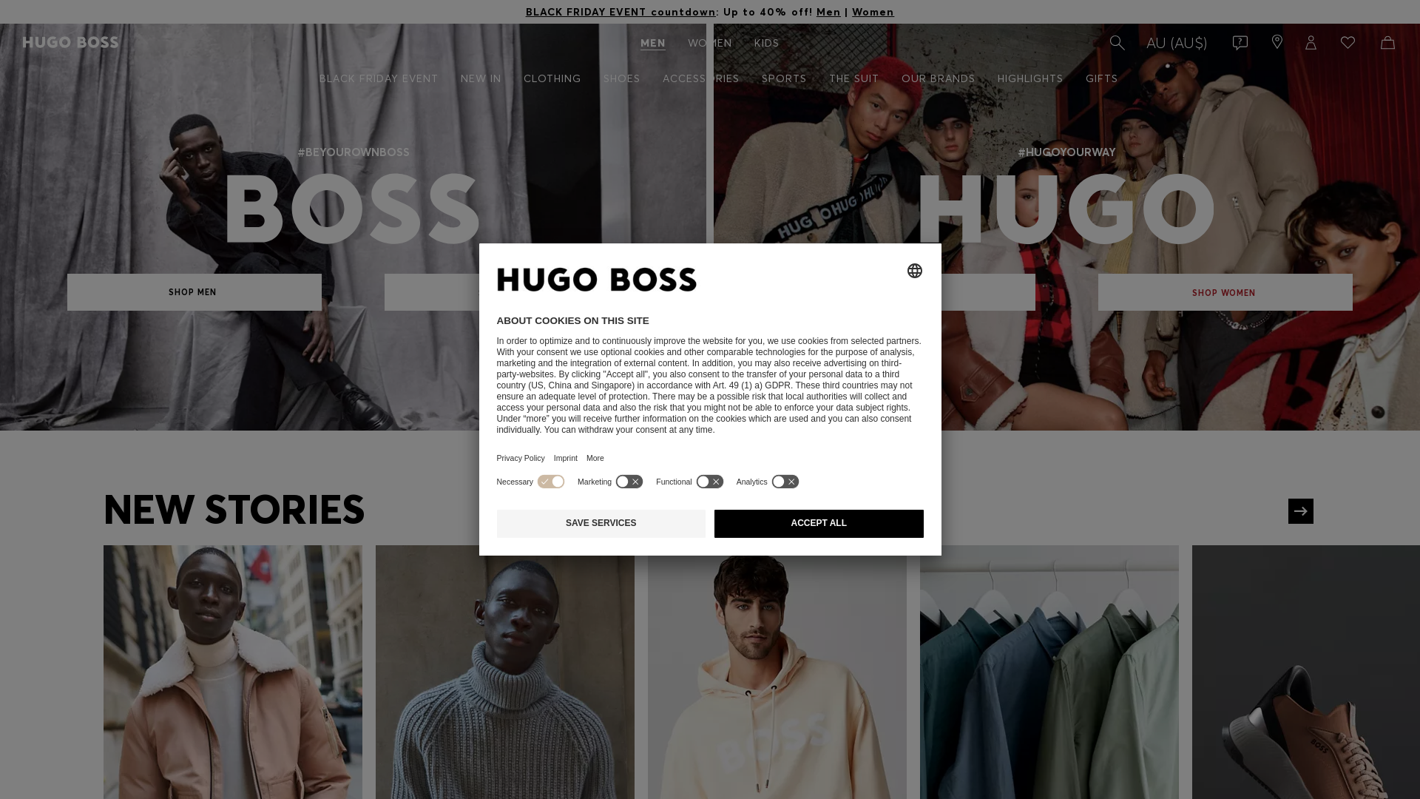  What do you see at coordinates (1263, 42) in the screenshot?
I see `'Store Locator'` at bounding box center [1263, 42].